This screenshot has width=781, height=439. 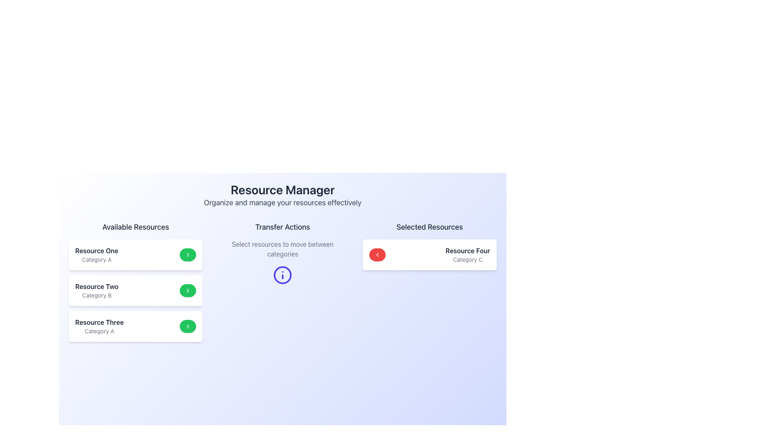 What do you see at coordinates (97, 286) in the screenshot?
I see `the read-only text label indicating 'Resource Two' in the 'Available Resources' section, which is the second row in the list of resources` at bounding box center [97, 286].